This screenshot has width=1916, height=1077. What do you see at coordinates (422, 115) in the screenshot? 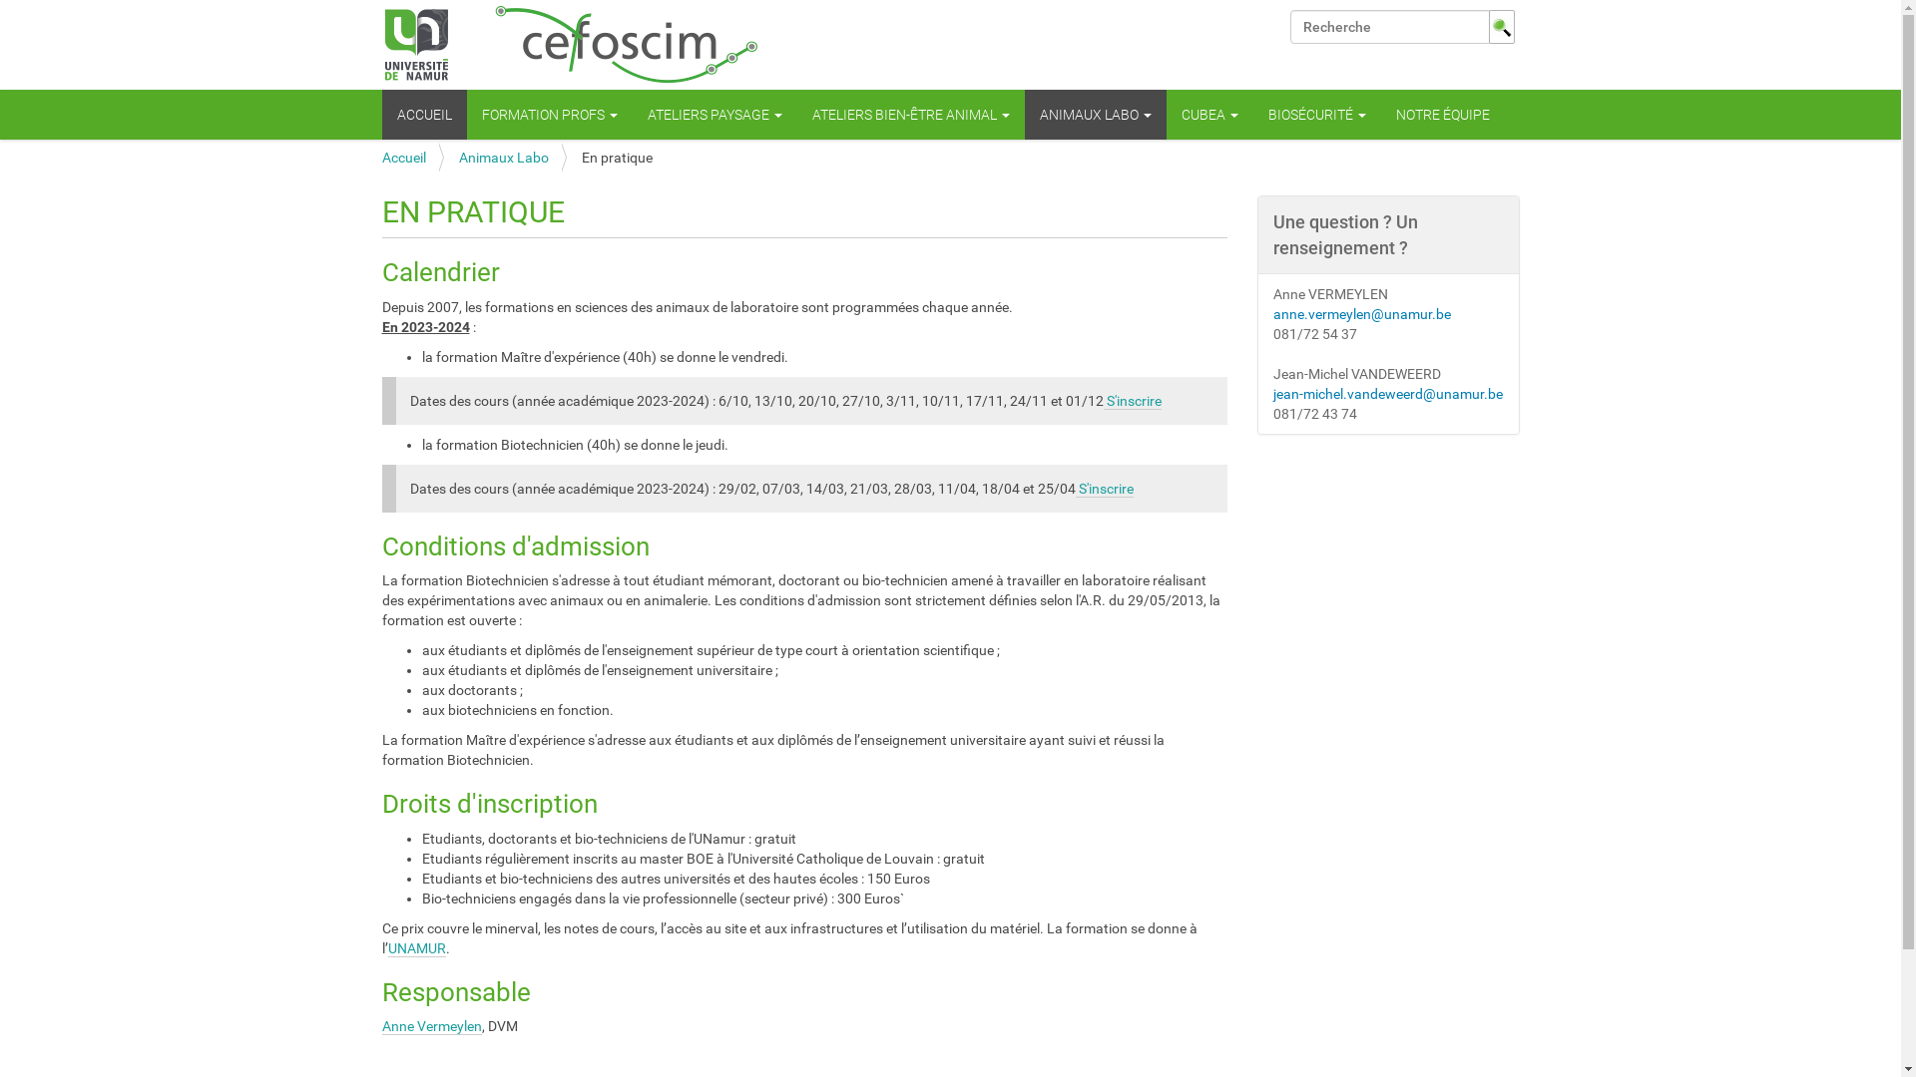
I see `'ACCUEIL'` at bounding box center [422, 115].